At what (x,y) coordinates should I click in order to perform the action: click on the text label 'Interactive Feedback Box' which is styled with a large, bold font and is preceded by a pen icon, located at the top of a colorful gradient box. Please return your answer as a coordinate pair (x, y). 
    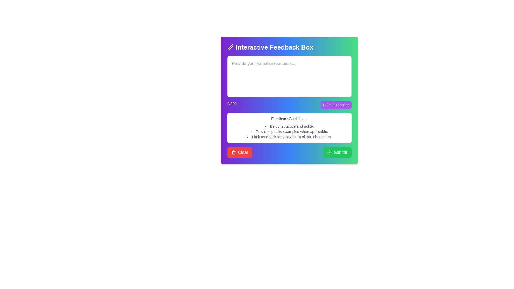
    Looking at the image, I should click on (289, 47).